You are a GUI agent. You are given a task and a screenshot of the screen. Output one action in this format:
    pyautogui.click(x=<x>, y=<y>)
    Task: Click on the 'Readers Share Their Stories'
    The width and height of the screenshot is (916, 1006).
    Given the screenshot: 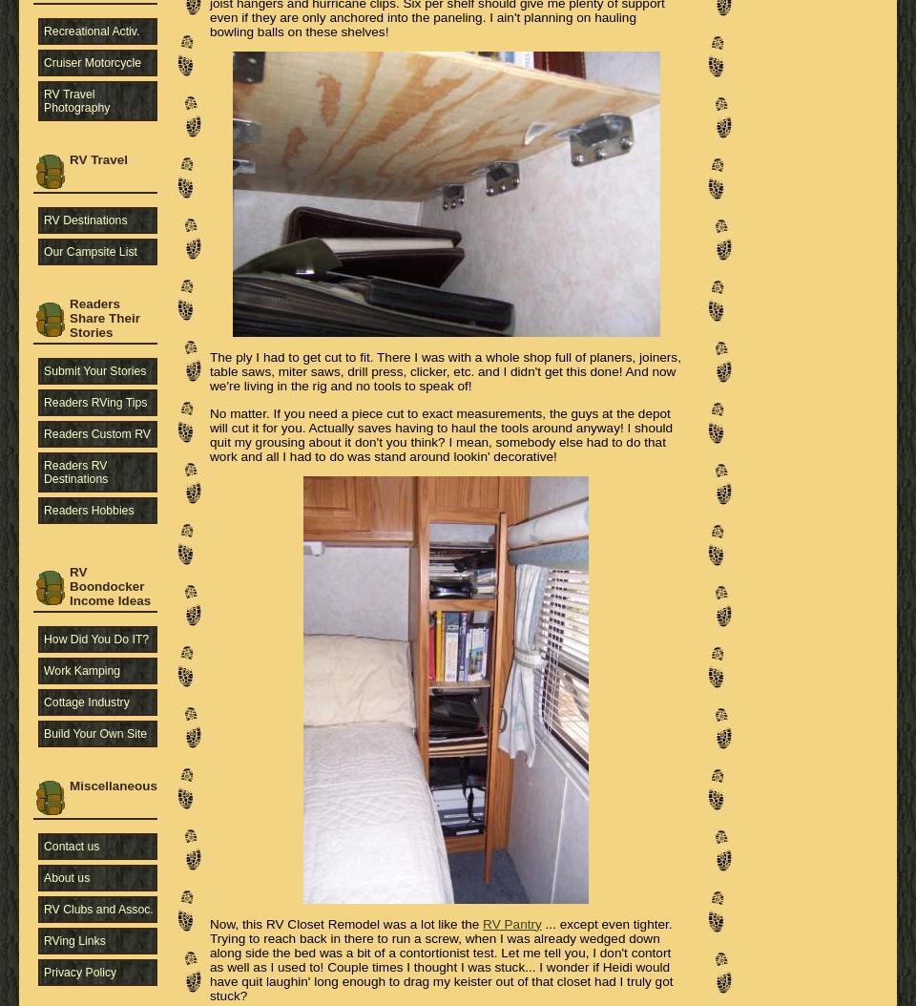 What is the action you would take?
    pyautogui.click(x=104, y=317)
    